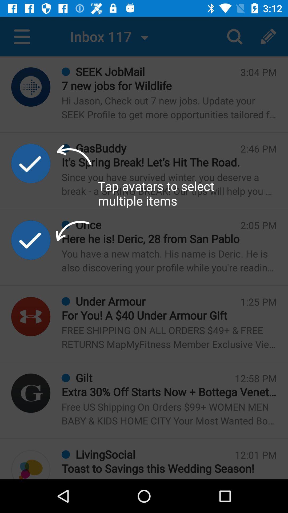  Describe the element at coordinates (31, 163) in the screenshot. I see `the check icon` at that location.